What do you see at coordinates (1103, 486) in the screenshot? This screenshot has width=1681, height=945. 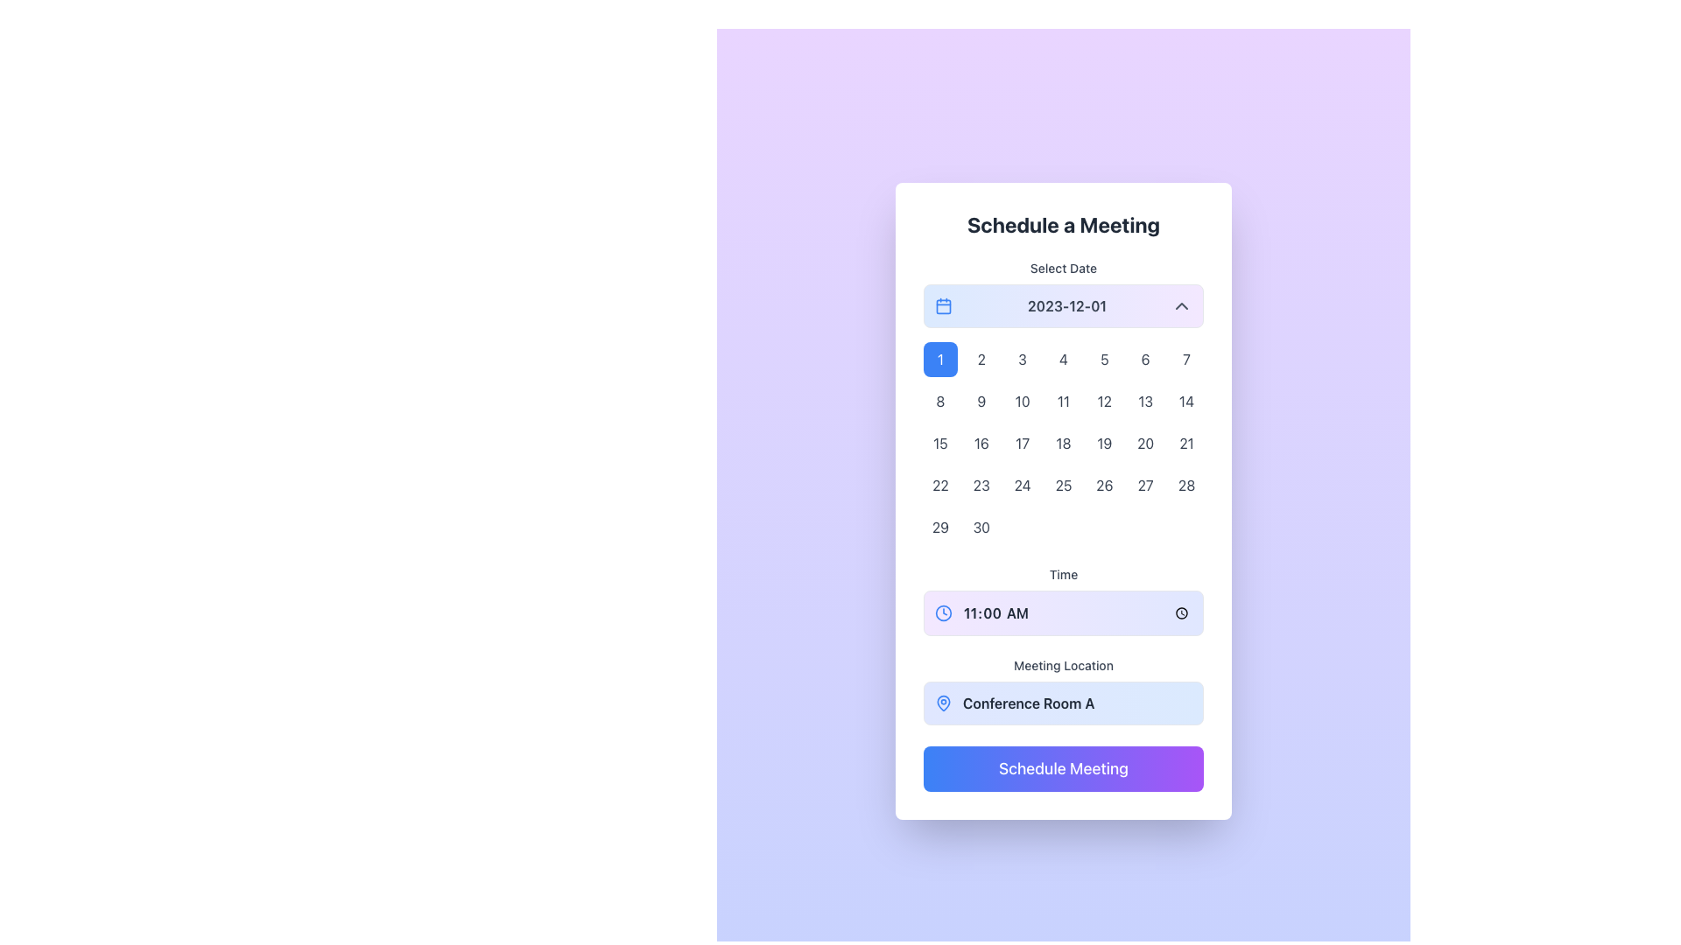 I see `the small rectangular button displaying the number '26' in dark gray, located in the sixth row and fifth column of the calendar grid` at bounding box center [1103, 486].